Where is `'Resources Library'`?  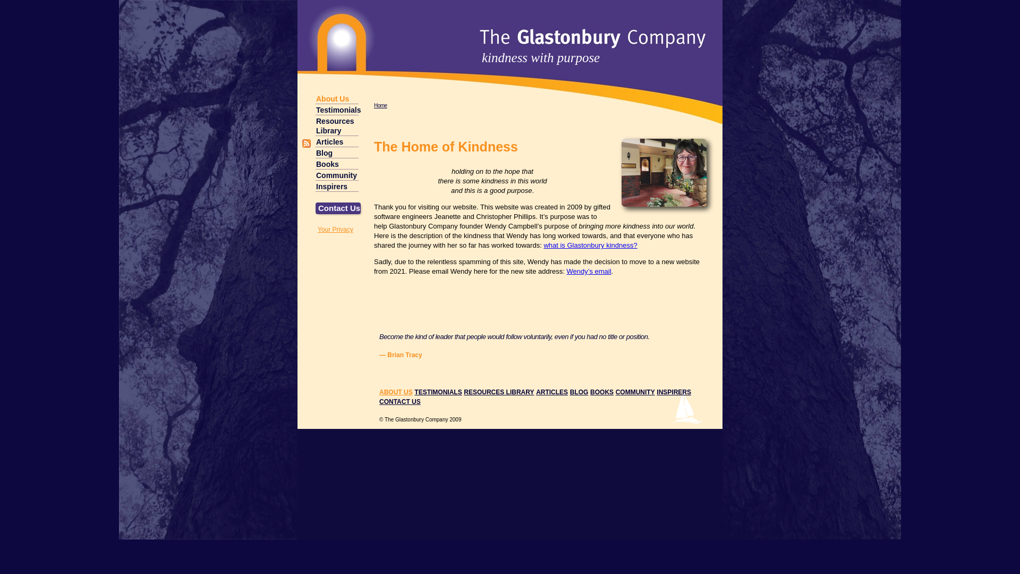
'Resources Library' is located at coordinates (336, 125).